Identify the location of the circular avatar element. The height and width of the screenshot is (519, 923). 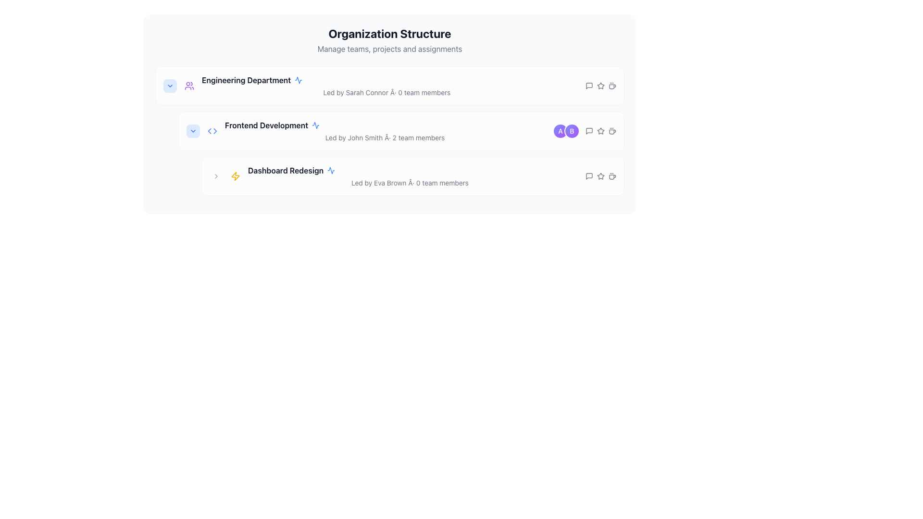
(561, 131).